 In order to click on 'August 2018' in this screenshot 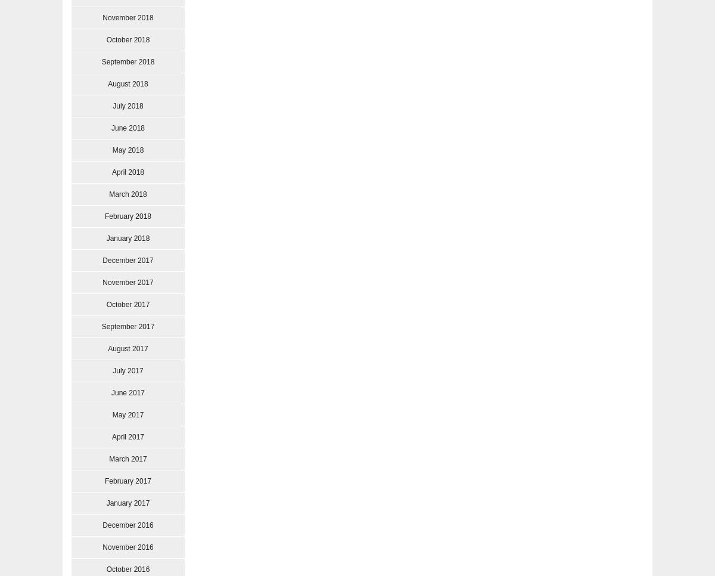, I will do `click(127, 83)`.